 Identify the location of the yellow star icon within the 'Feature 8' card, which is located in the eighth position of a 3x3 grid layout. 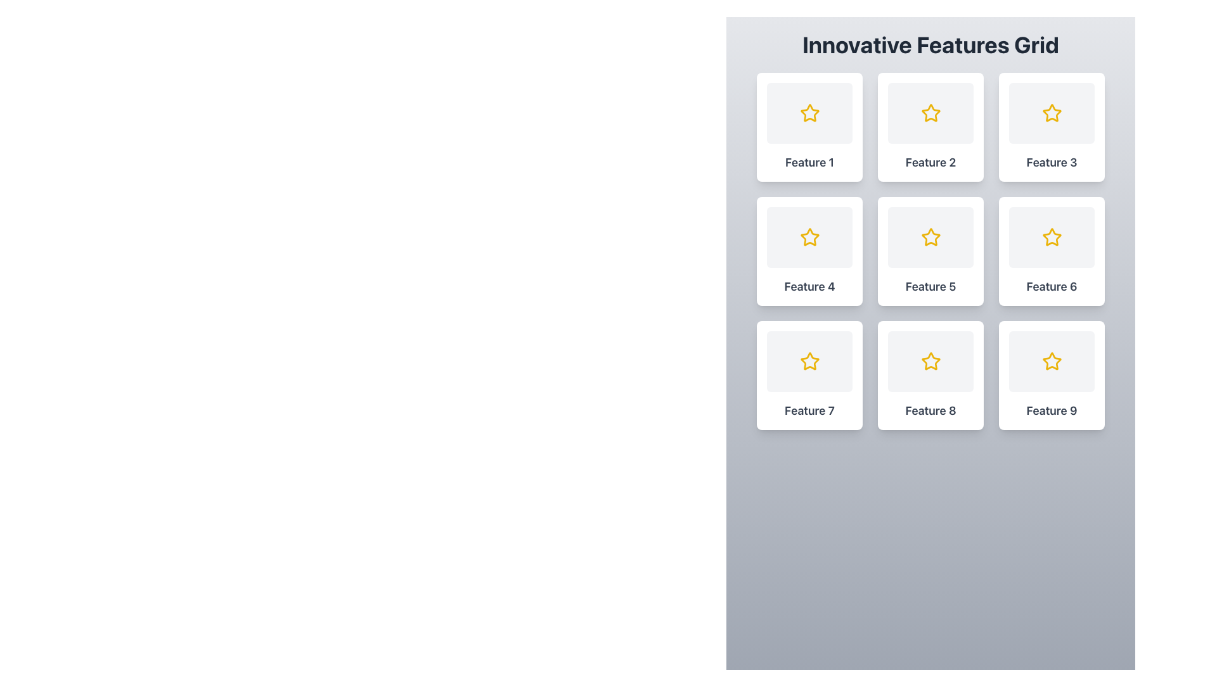
(930, 361).